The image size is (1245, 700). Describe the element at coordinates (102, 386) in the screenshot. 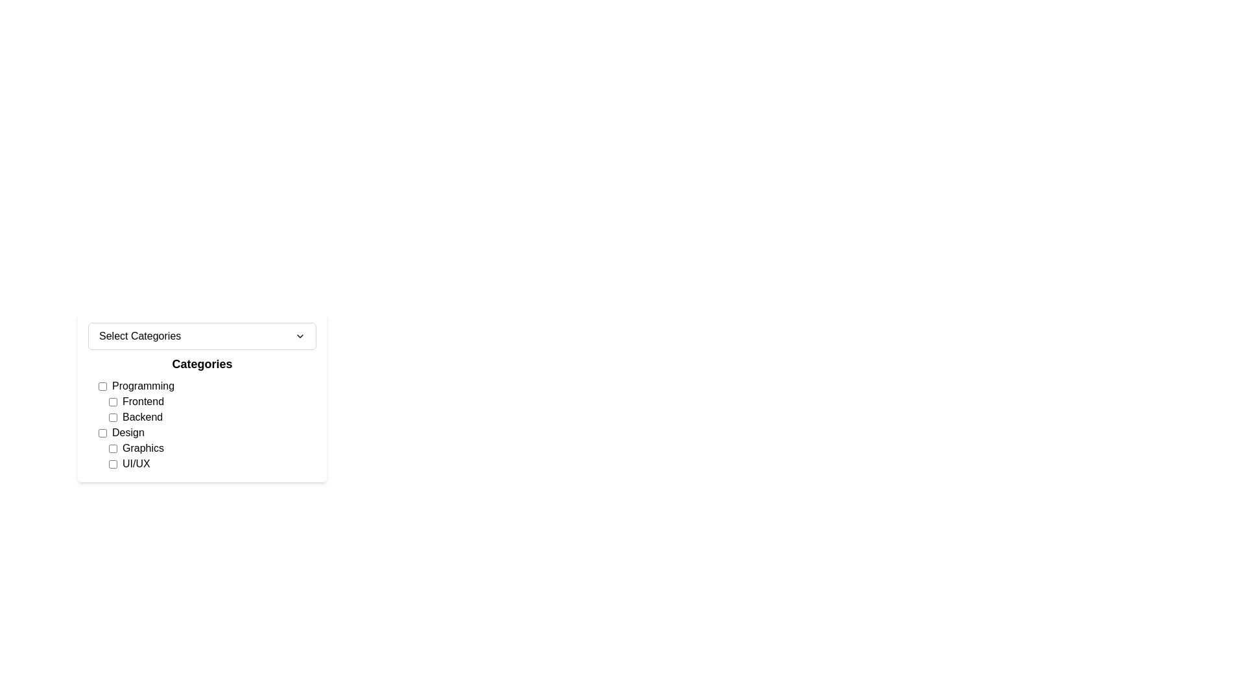

I see `the checkbox located to the left of the 'Programming' label` at that location.